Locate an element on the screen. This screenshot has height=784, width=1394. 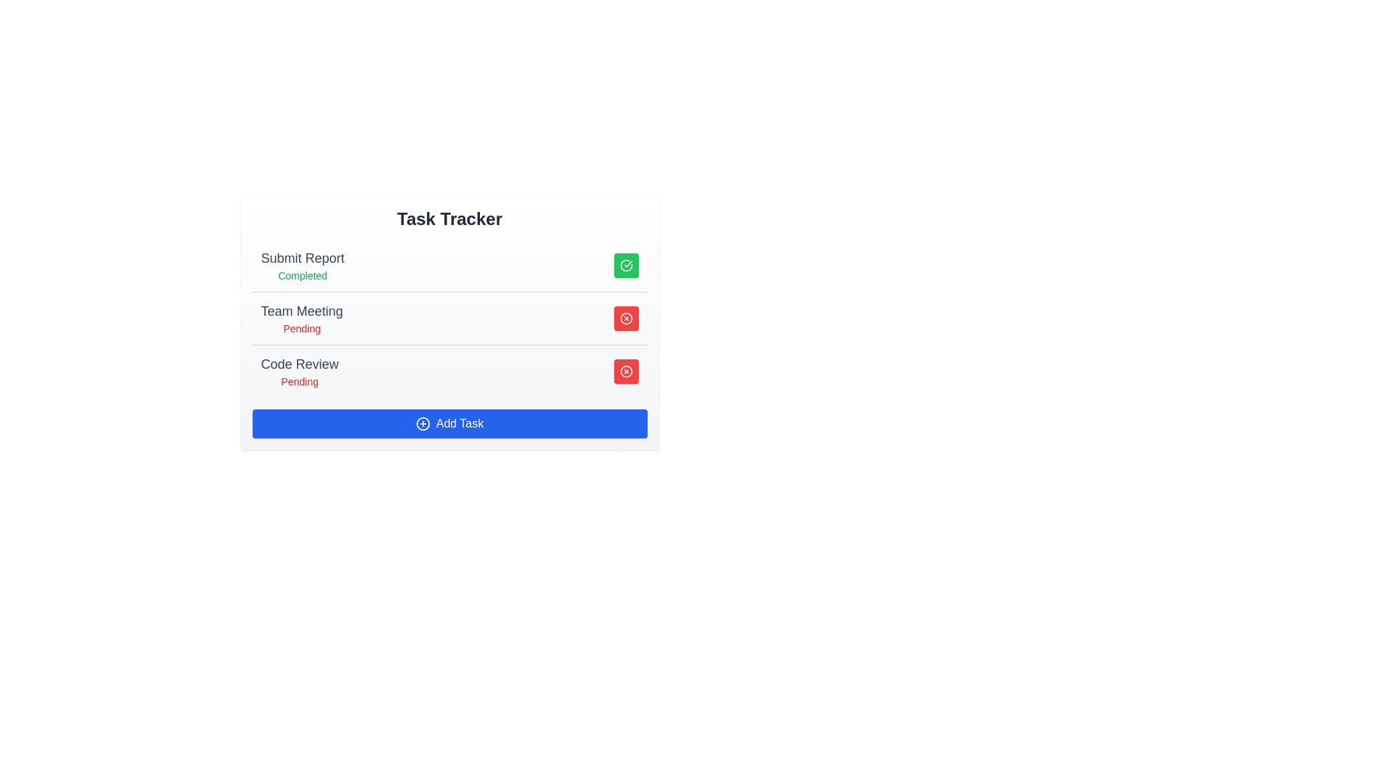
the interactive green button is located at coordinates (626, 266).